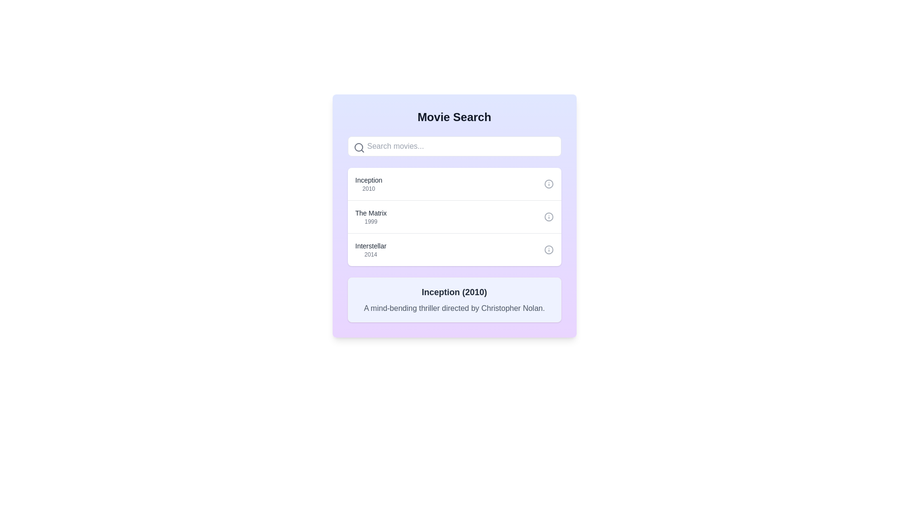 This screenshot has width=915, height=515. Describe the element at coordinates (549, 217) in the screenshot. I see `the informational indicator icon located to the far right of the row associated with 'The Matrix' (1999)` at that location.